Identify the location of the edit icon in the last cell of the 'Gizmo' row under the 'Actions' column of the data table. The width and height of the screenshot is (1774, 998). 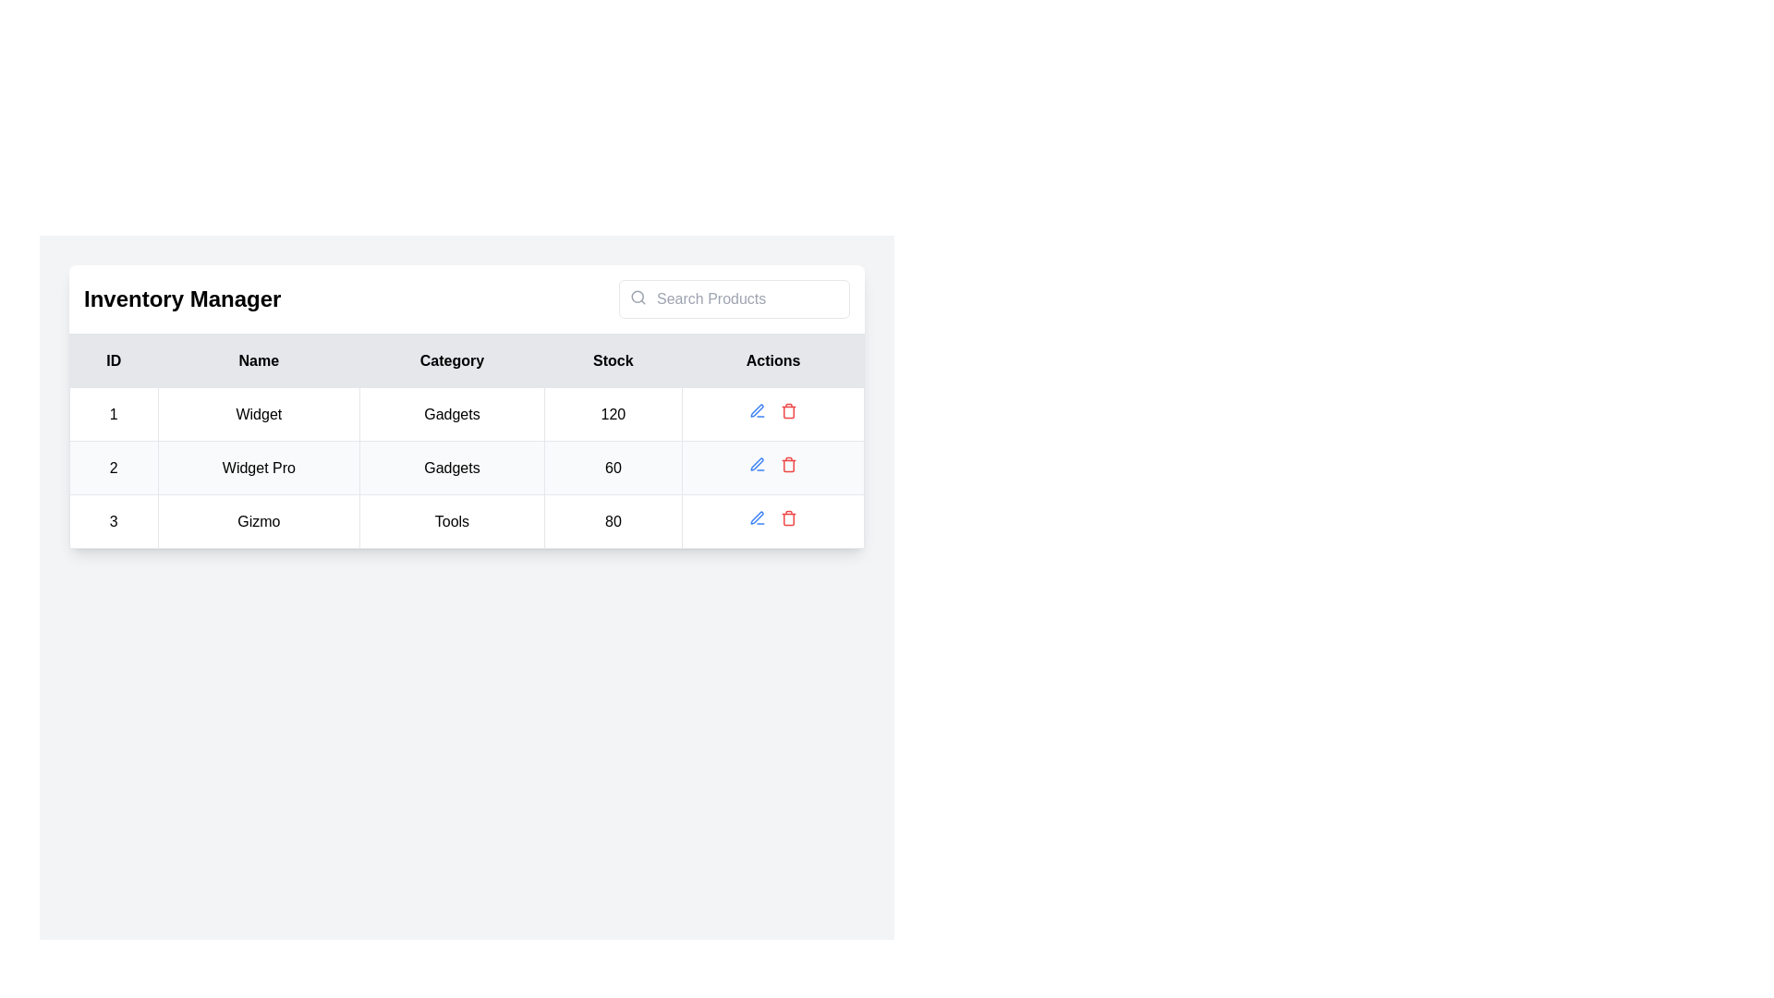
(772, 521).